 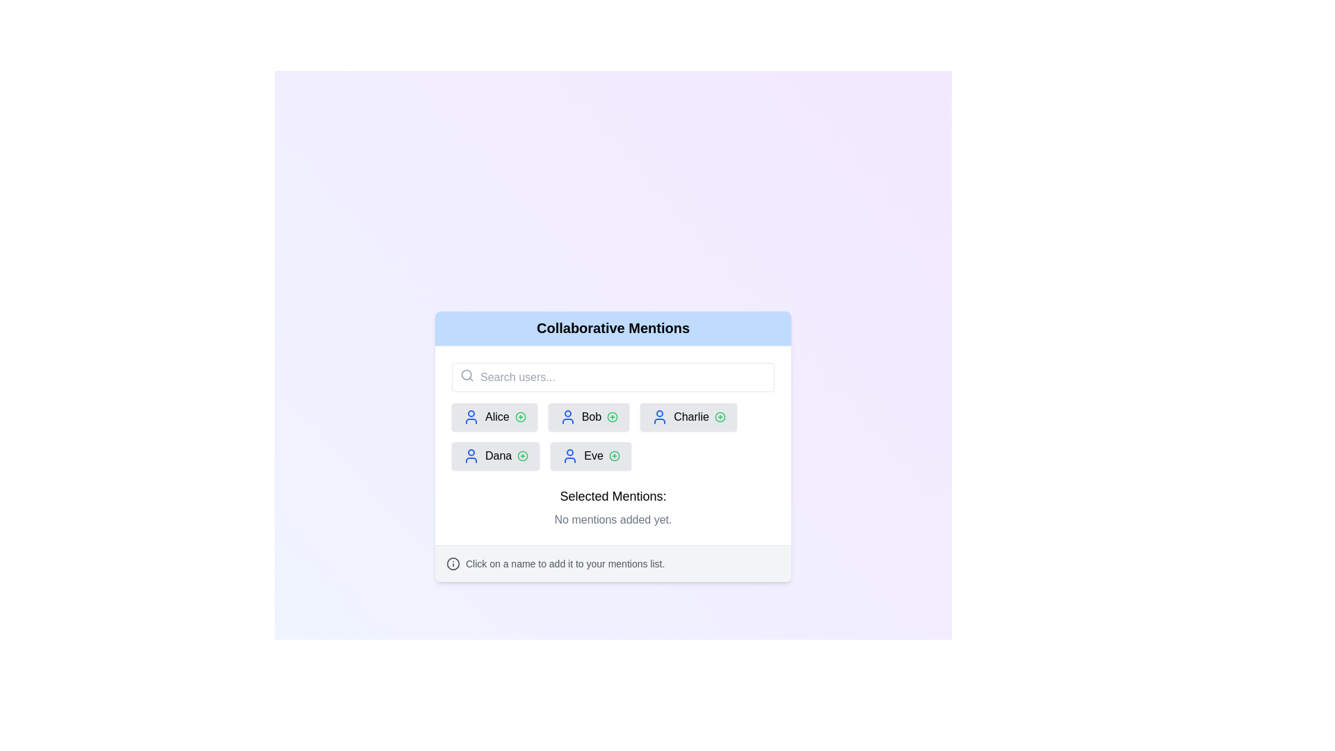 What do you see at coordinates (467, 374) in the screenshot?
I see `the decorative magnifying glass icon indicating search, located at the top-left corner of the text input field` at bounding box center [467, 374].